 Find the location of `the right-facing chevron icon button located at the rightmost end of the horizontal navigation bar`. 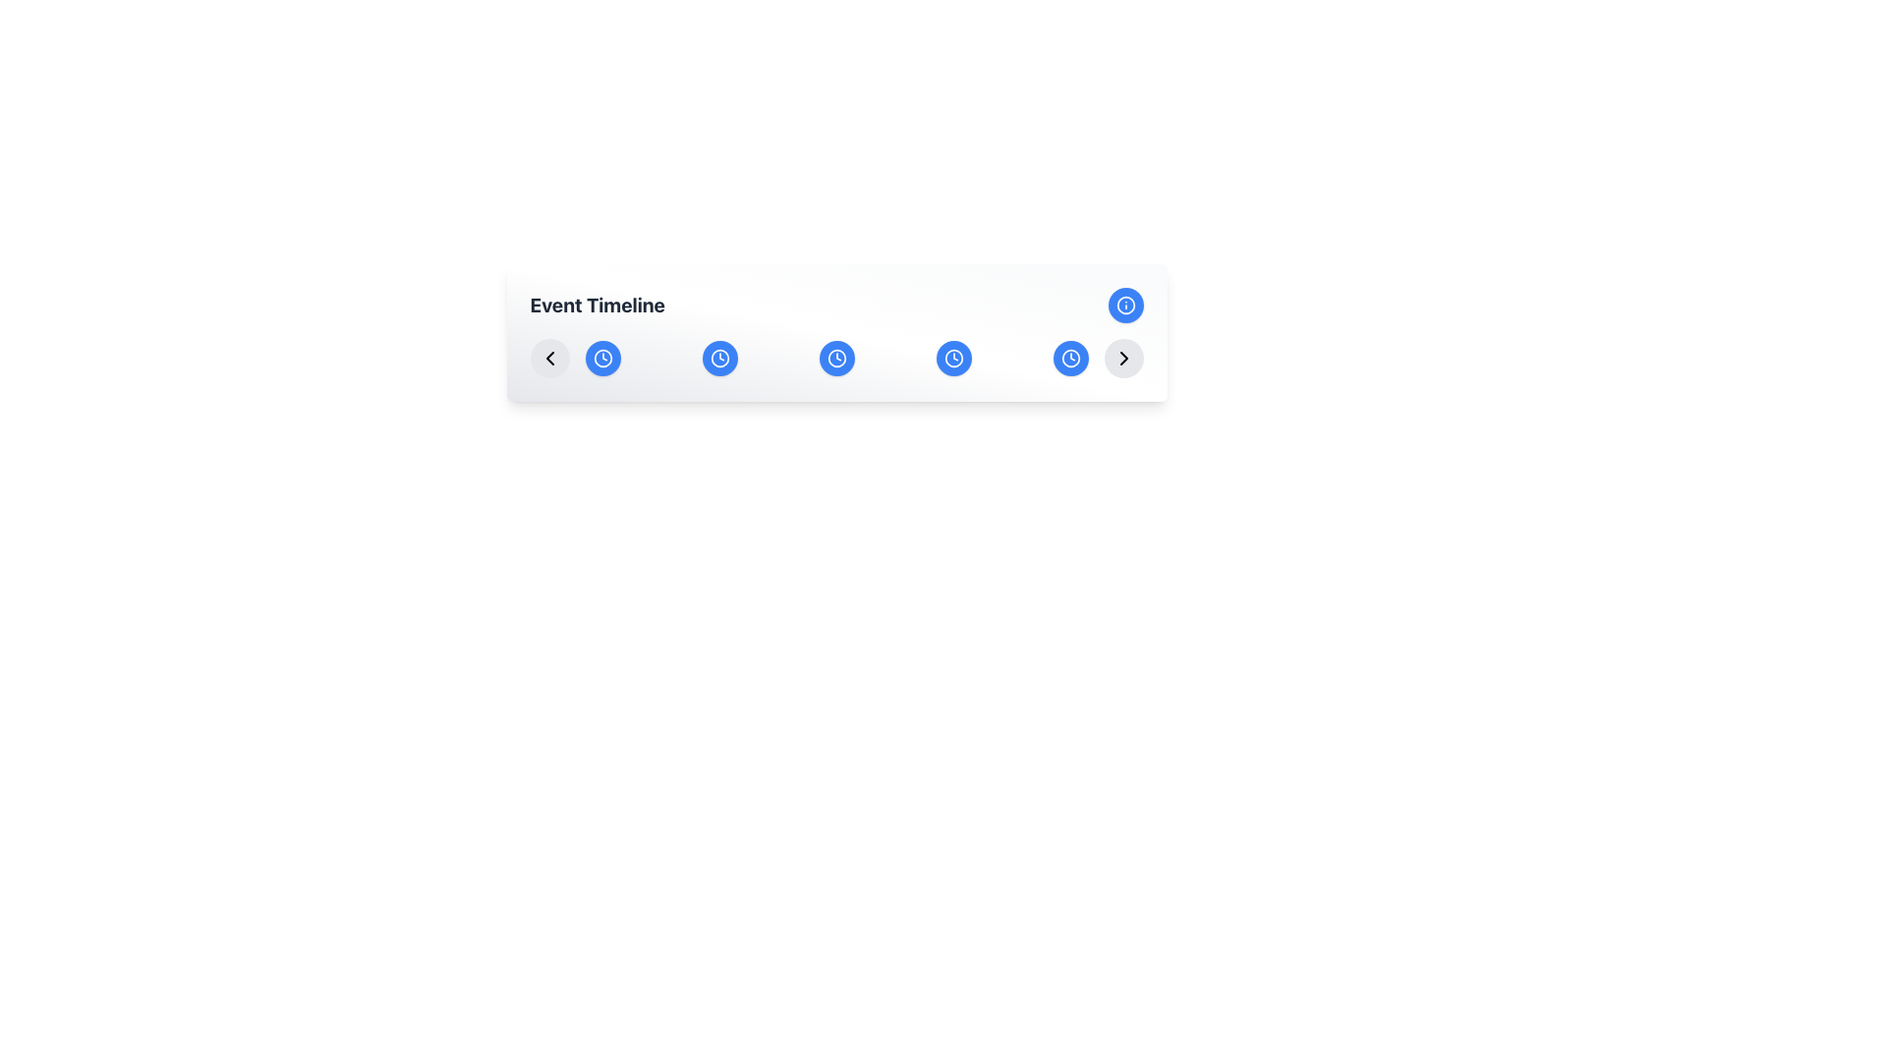

the right-facing chevron icon button located at the rightmost end of the horizontal navigation bar is located at coordinates (1123, 359).